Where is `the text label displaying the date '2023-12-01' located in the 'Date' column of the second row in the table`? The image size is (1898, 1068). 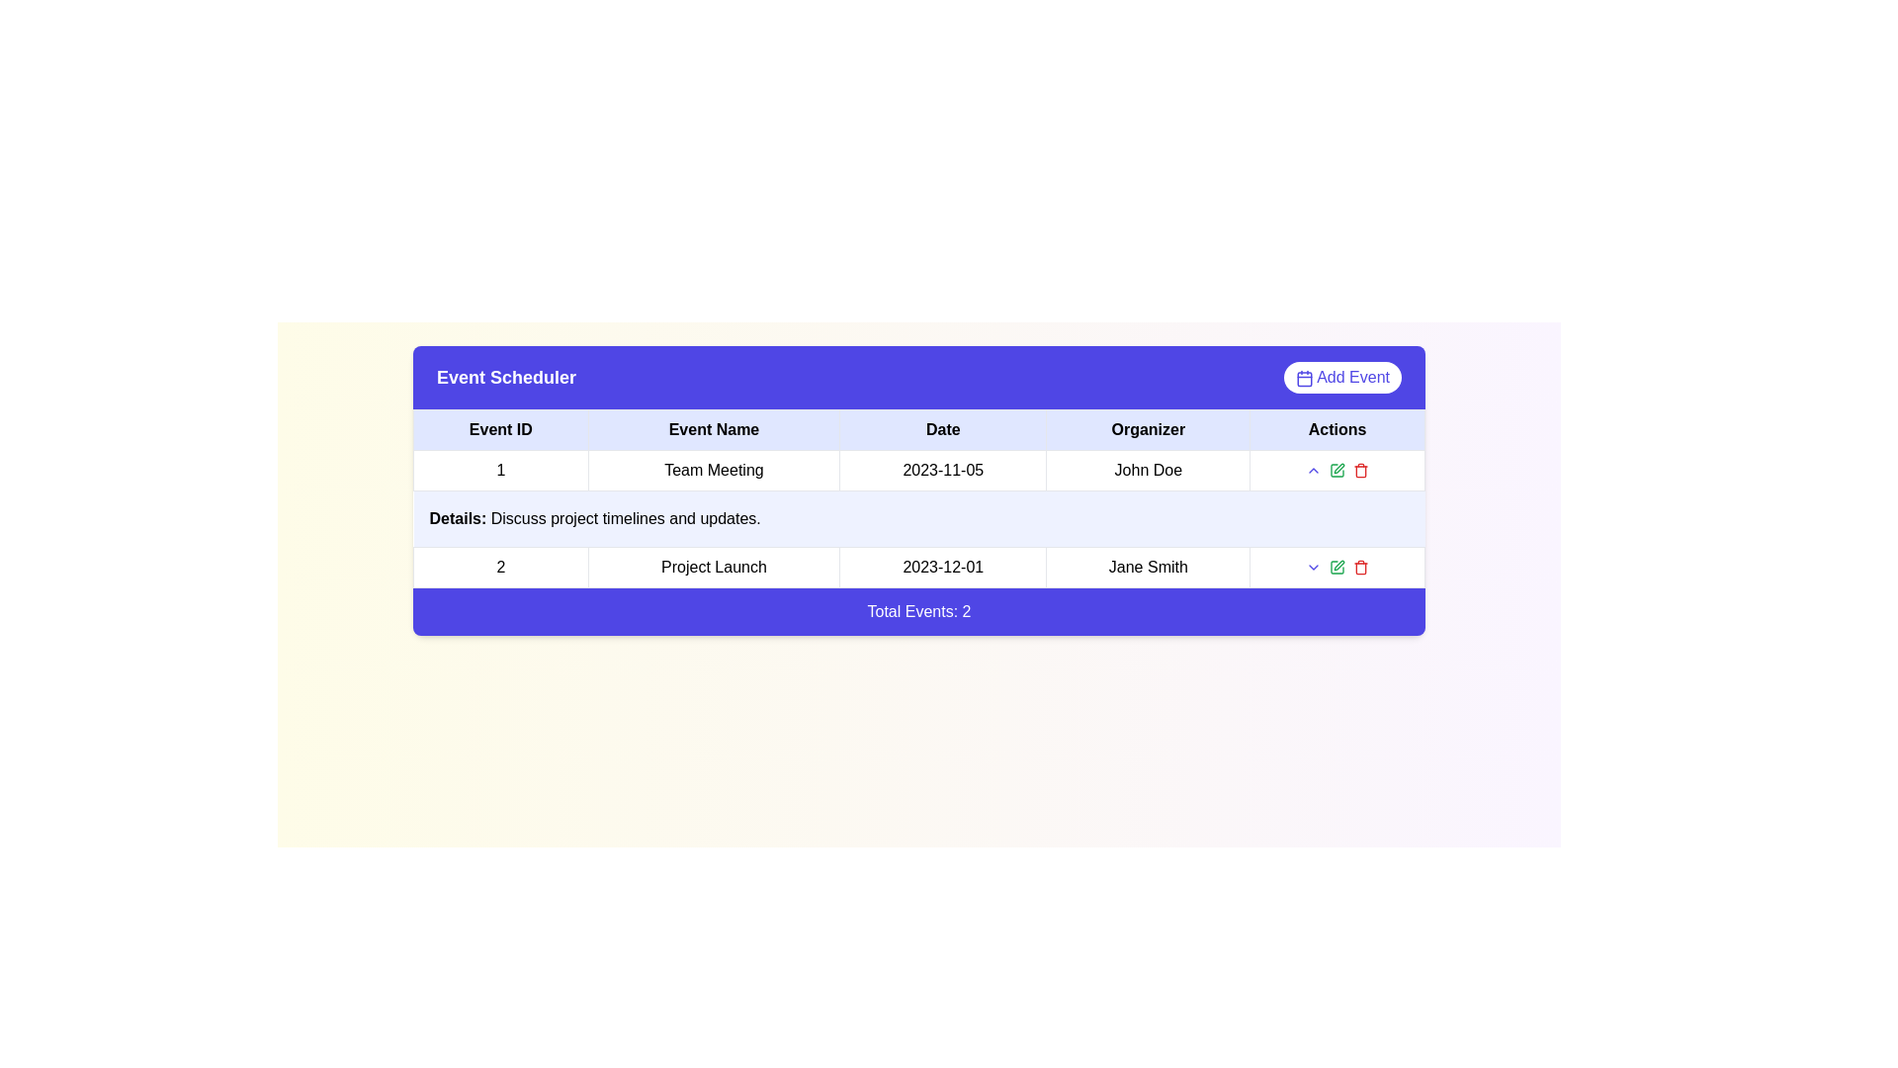 the text label displaying the date '2023-12-01' located in the 'Date' column of the second row in the table is located at coordinates (942, 568).